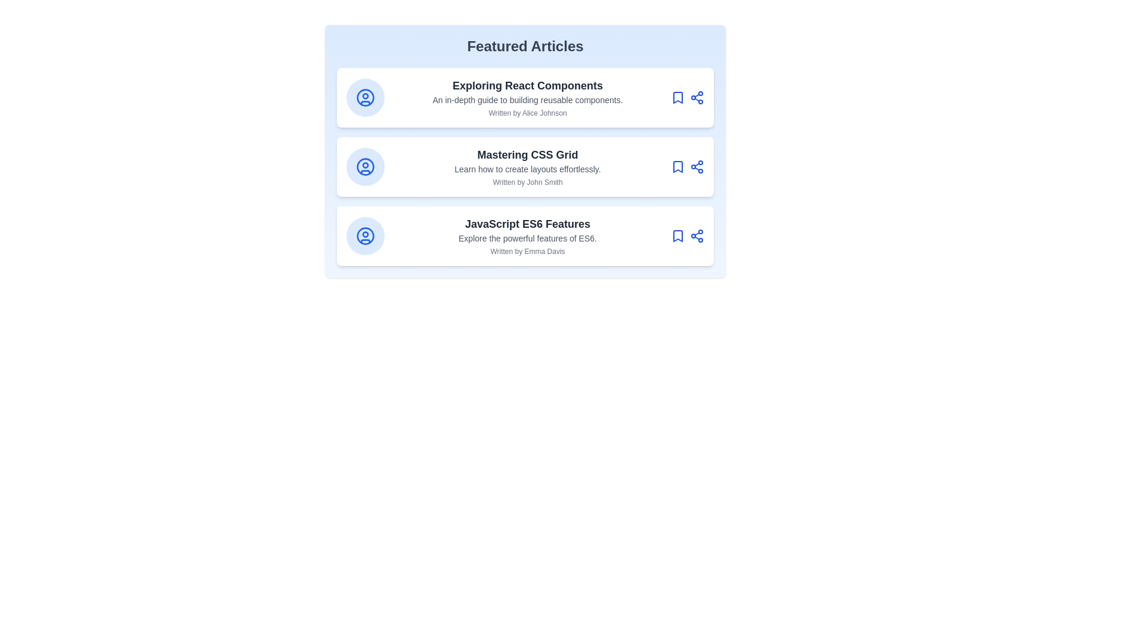 Image resolution: width=1145 pixels, height=644 pixels. I want to click on the header titled 'Featured Articles' to highlight it, so click(525, 45).